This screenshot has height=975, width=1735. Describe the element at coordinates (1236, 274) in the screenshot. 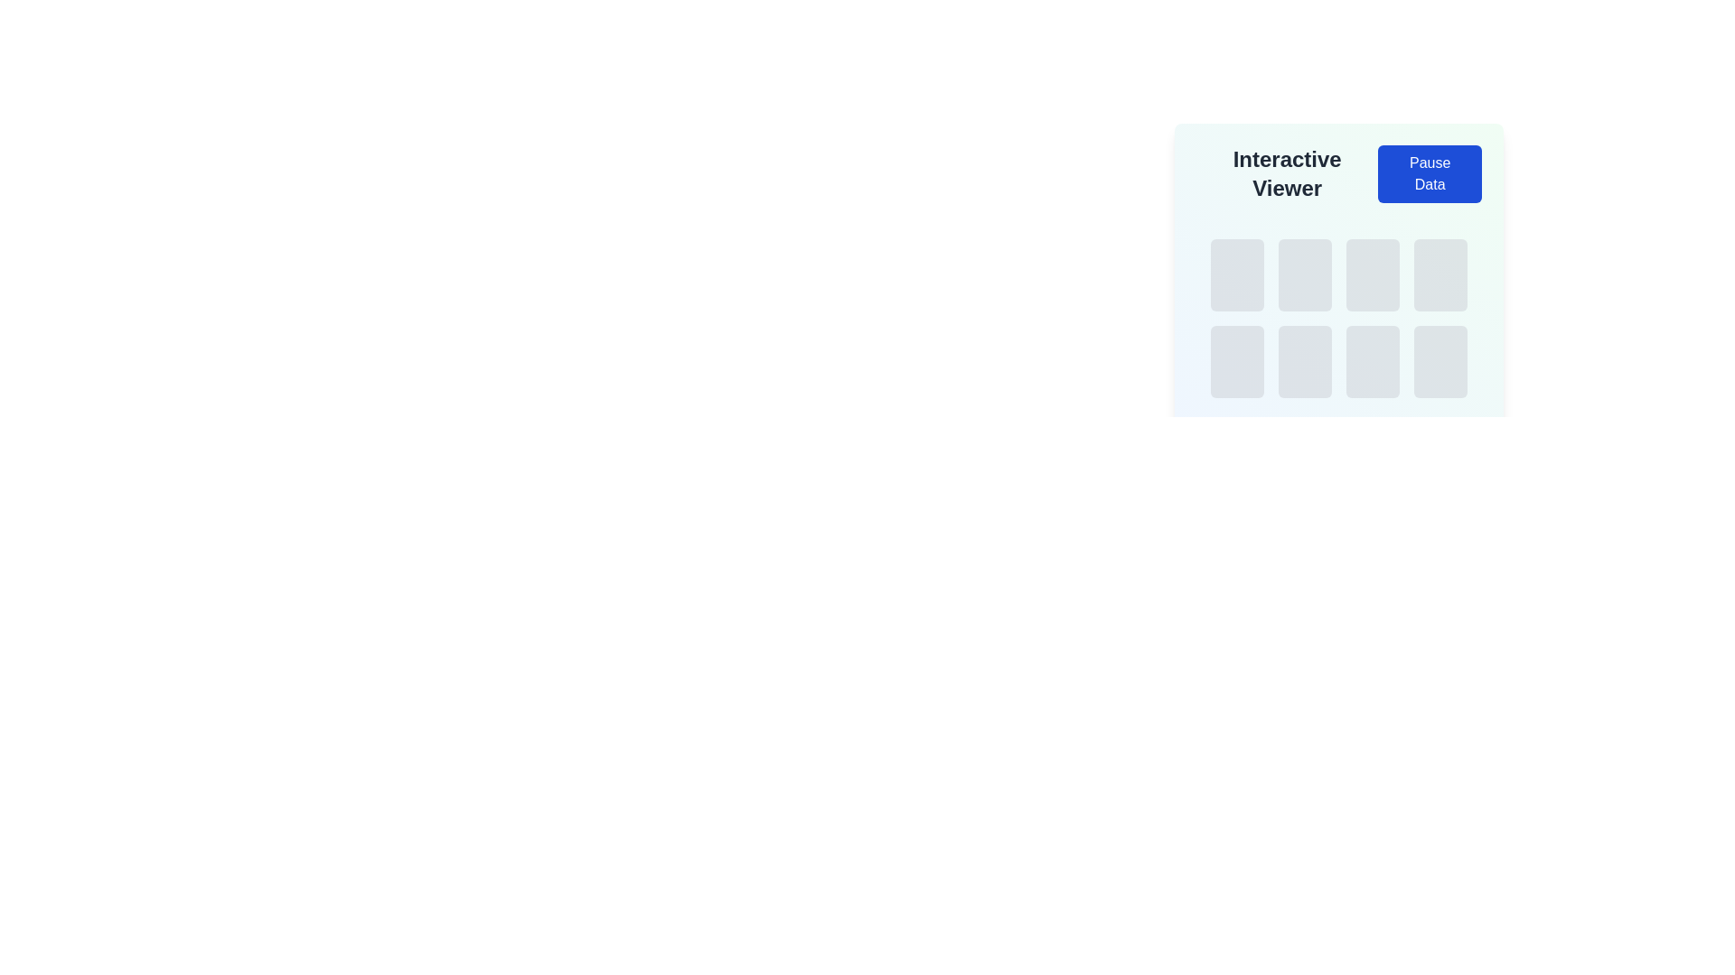

I see `the light gray rectangular placeholder with rounded edges, which is the first item in the top row of the grid` at that location.